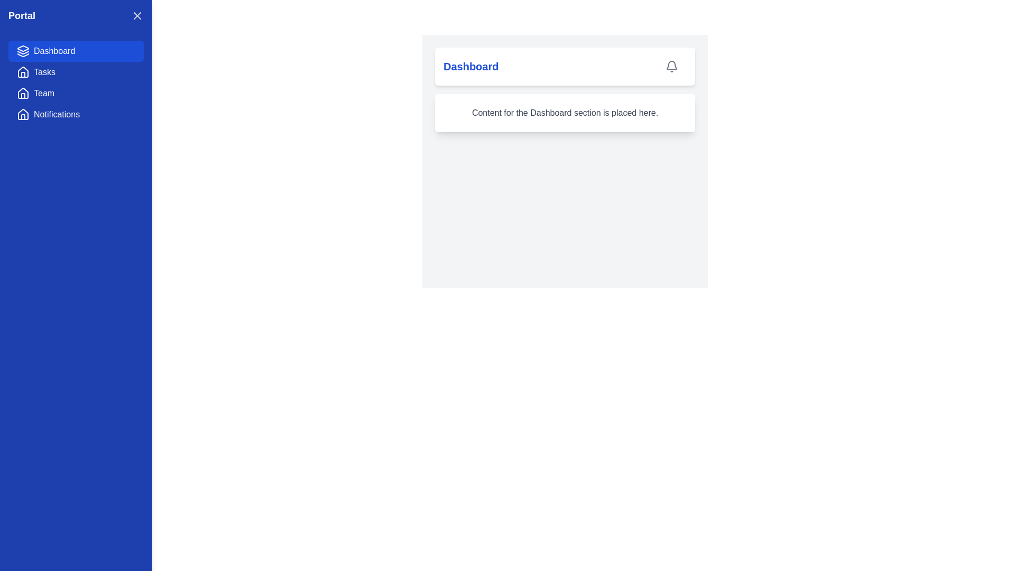 The height and width of the screenshot is (571, 1015). I want to click on the 'Team' icon in the sidebar menu, which is the second icon and visually represents the 'Team' feature, so click(23, 96).